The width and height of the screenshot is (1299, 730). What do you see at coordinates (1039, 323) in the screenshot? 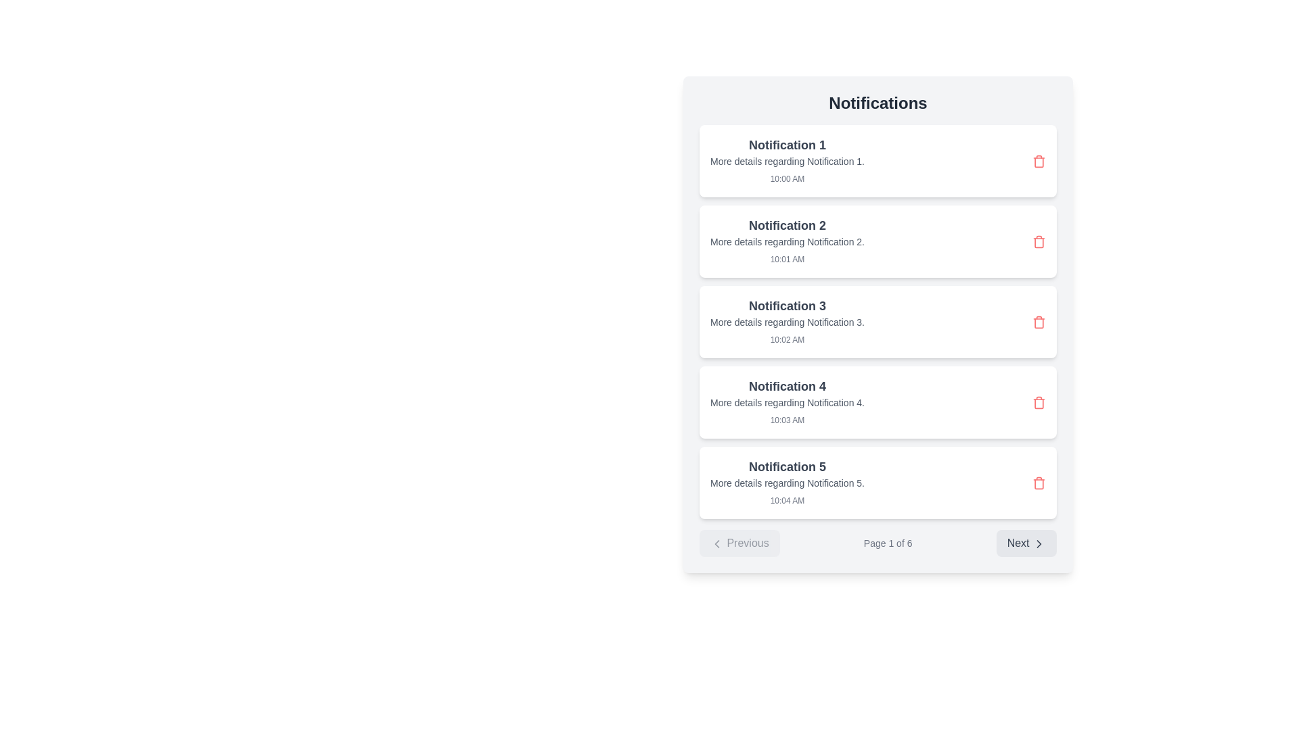
I see `the trash icon located to the right of the text details in the third notification item` at bounding box center [1039, 323].